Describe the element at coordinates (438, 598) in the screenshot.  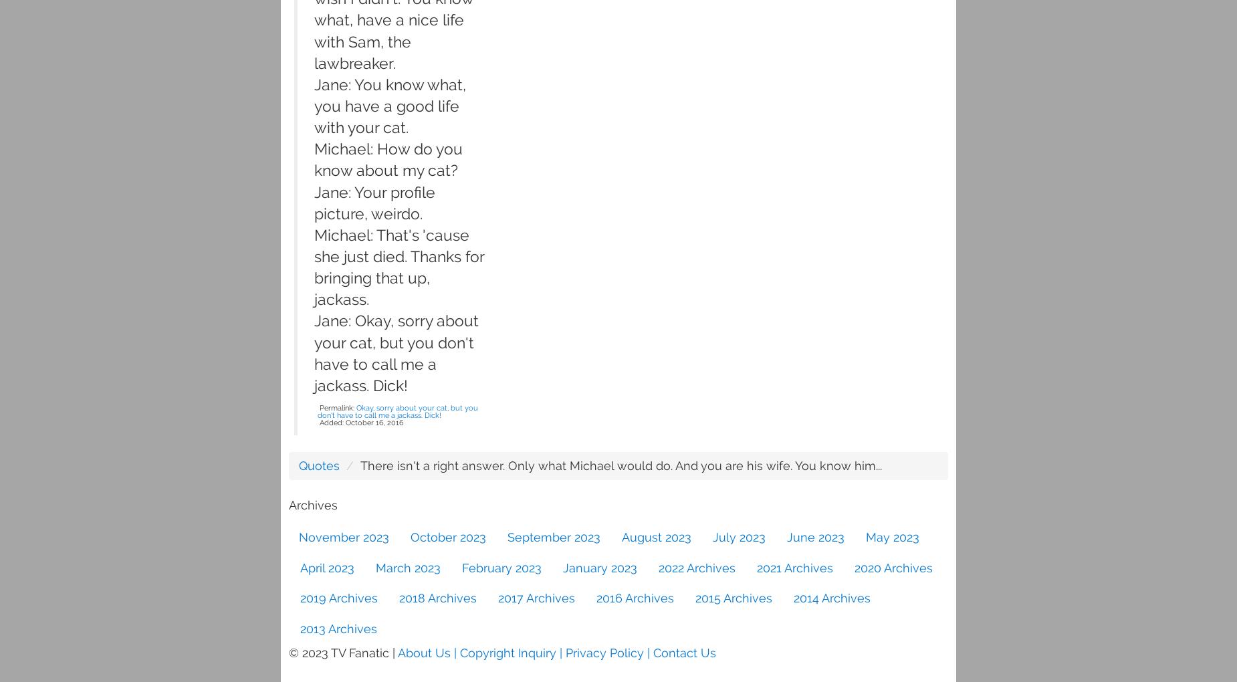
I see `'2018 Archives'` at that location.